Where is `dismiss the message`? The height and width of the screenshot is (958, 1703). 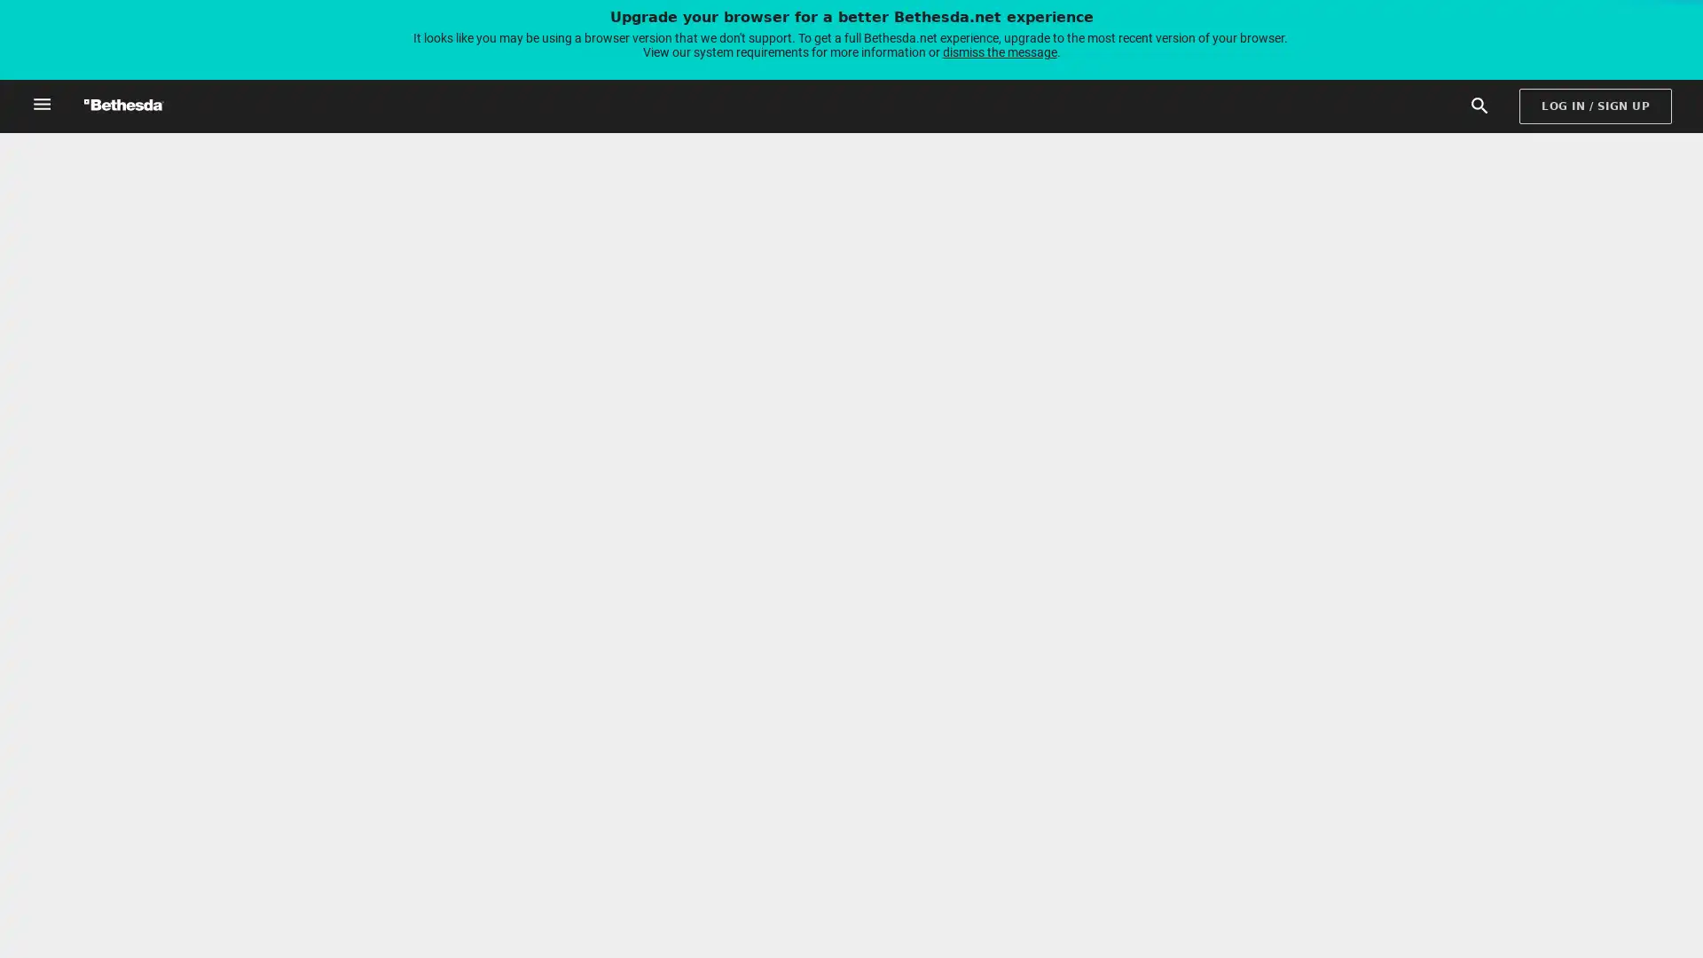
dismiss the message is located at coordinates (999, 51).